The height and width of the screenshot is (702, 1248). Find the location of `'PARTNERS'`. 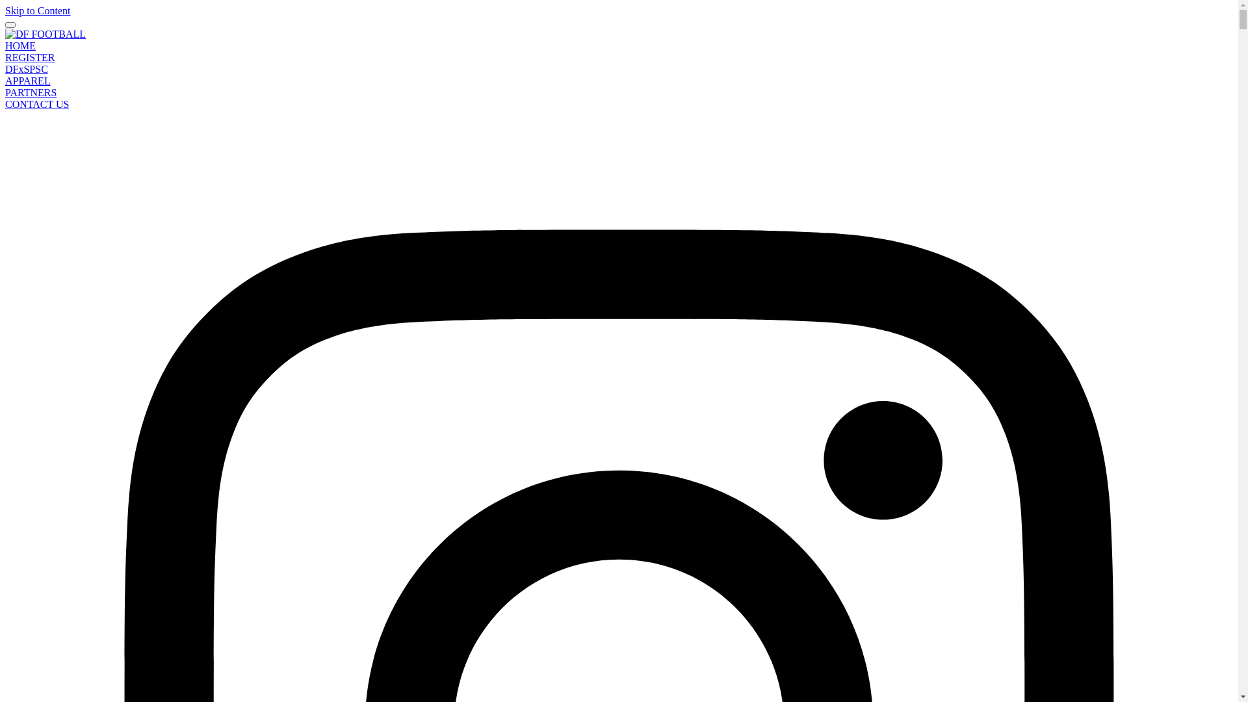

'PARTNERS' is located at coordinates (5, 92).